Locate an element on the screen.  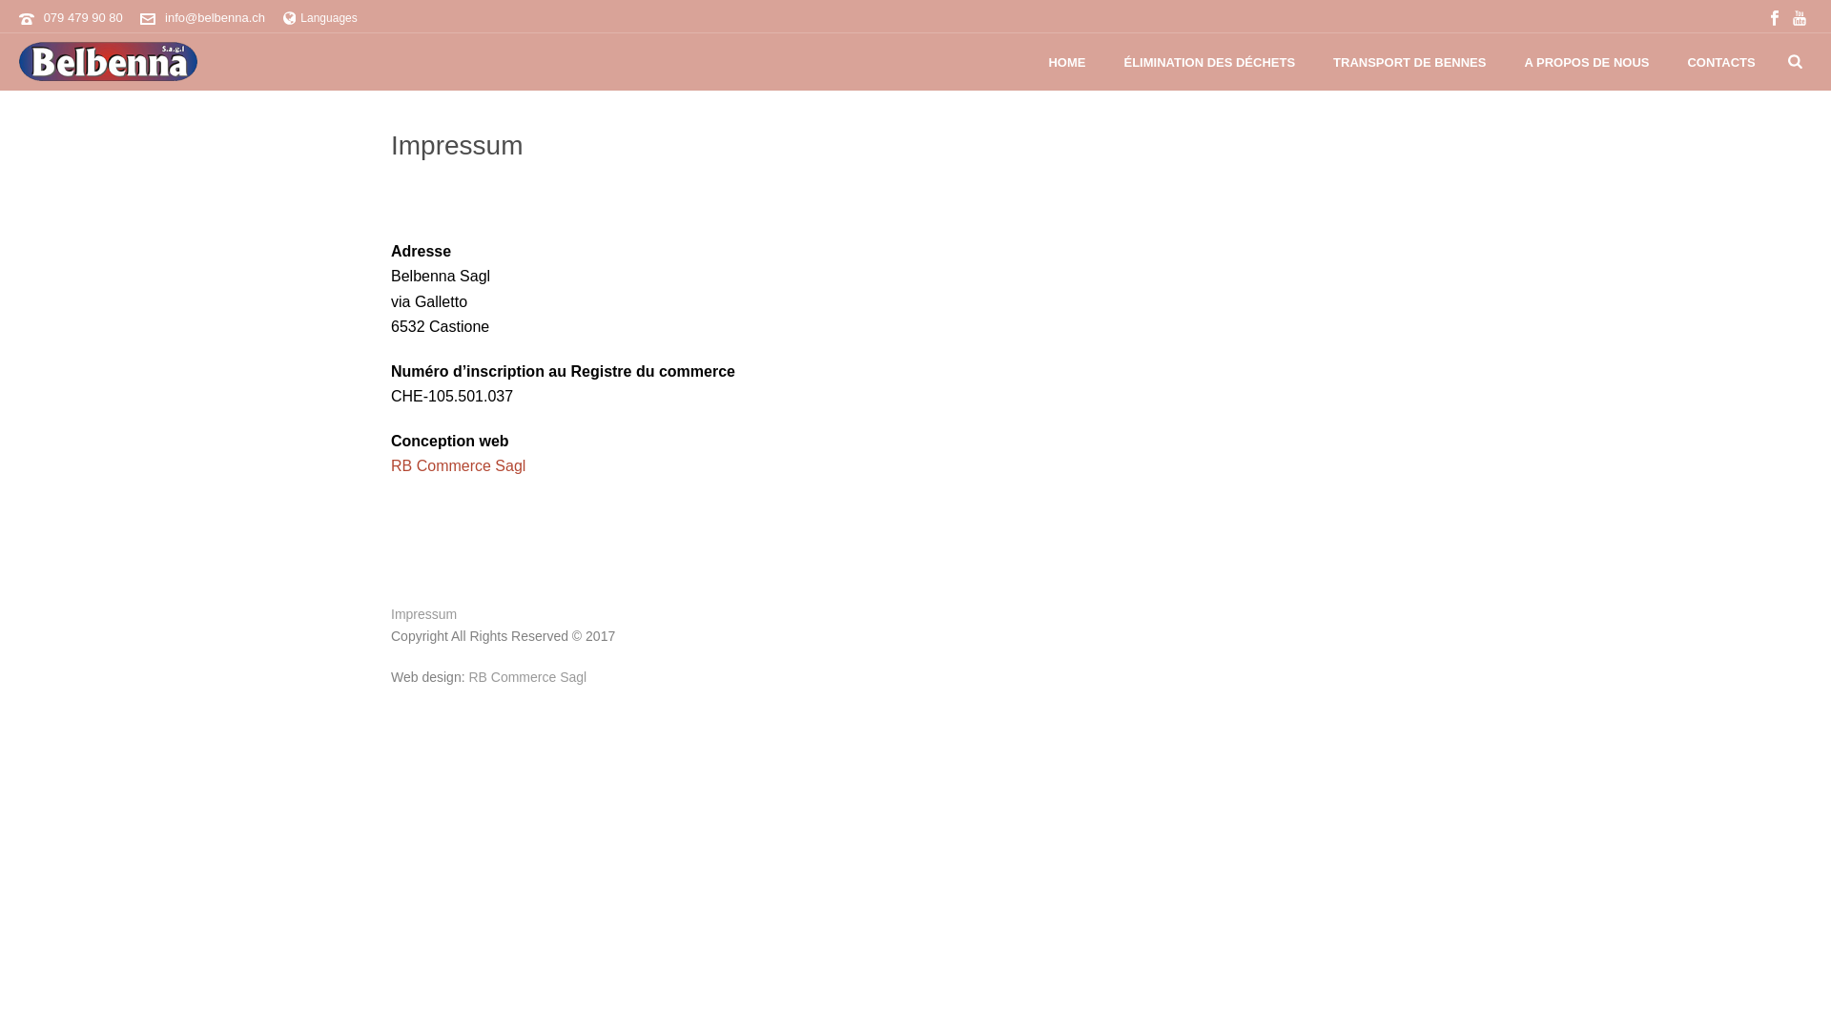
'TRANSPORT DE BENNES' is located at coordinates (1409, 61).